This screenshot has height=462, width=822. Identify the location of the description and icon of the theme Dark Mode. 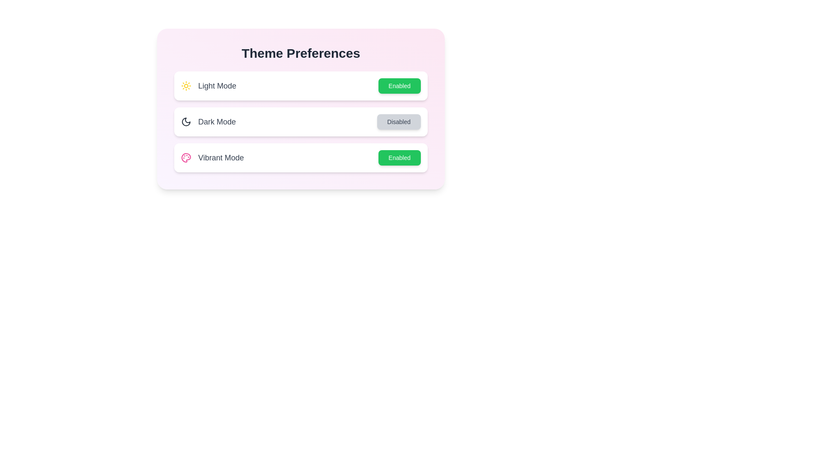
(186, 122).